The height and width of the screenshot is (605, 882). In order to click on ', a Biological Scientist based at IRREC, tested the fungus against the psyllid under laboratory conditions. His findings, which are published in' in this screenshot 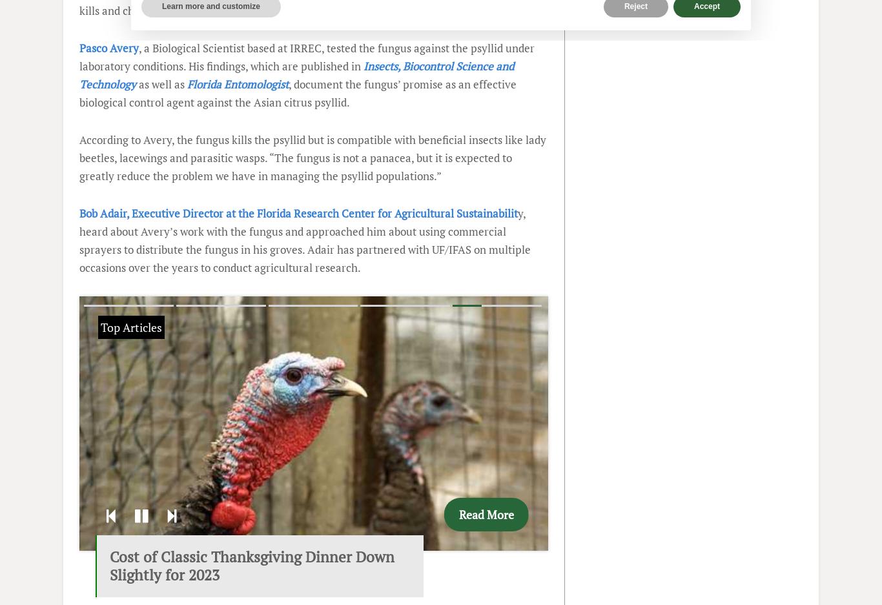, I will do `click(307, 56)`.